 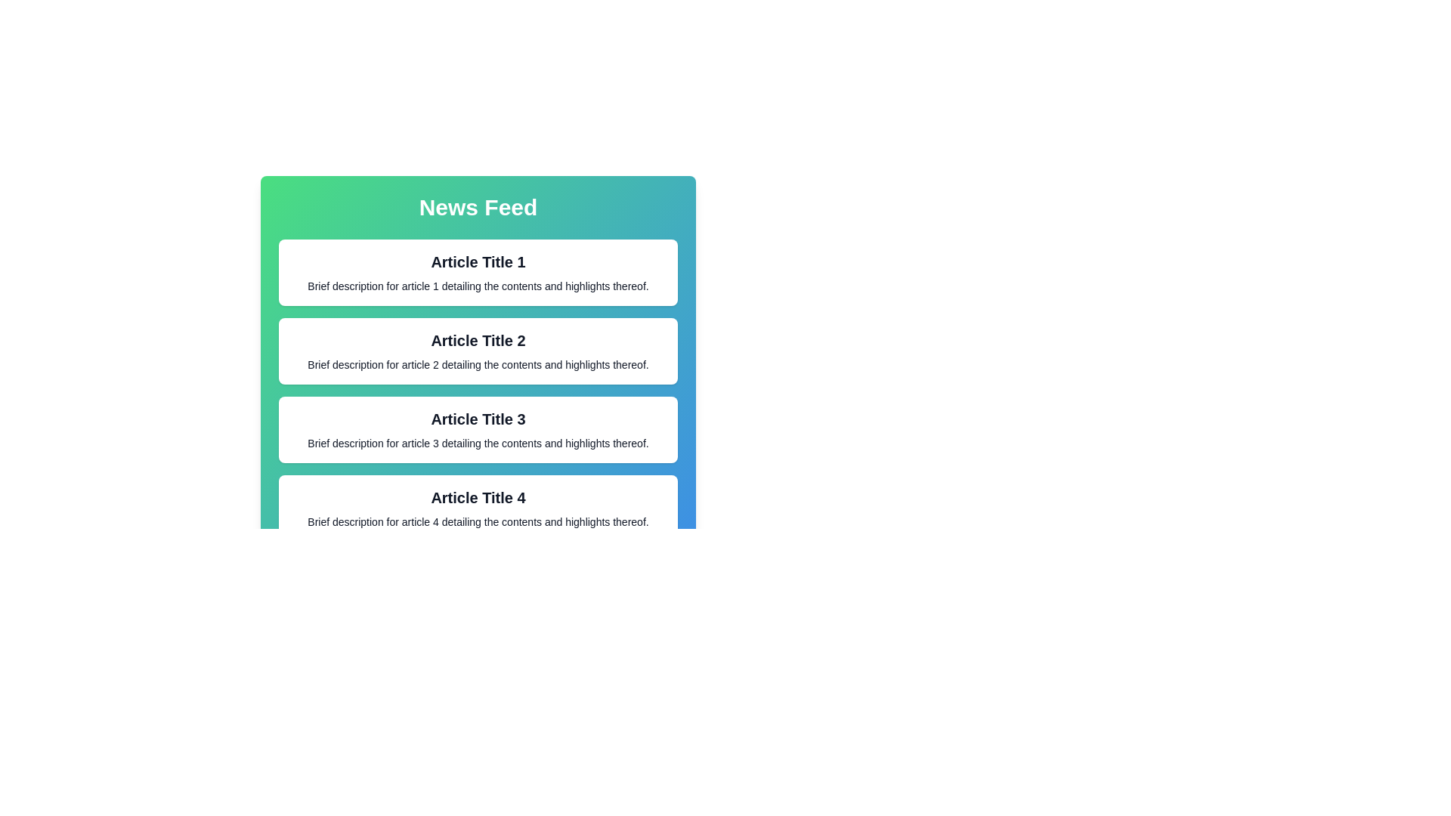 What do you see at coordinates (478, 207) in the screenshot?
I see `the heading element that serves as the title for the news feed section for accessibility purposes` at bounding box center [478, 207].